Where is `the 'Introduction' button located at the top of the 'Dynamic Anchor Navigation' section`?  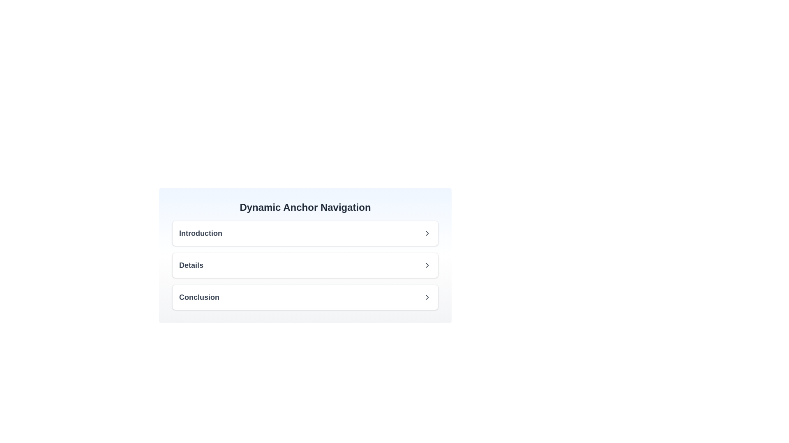
the 'Introduction' button located at the top of the 'Dynamic Anchor Navigation' section is located at coordinates (305, 233).